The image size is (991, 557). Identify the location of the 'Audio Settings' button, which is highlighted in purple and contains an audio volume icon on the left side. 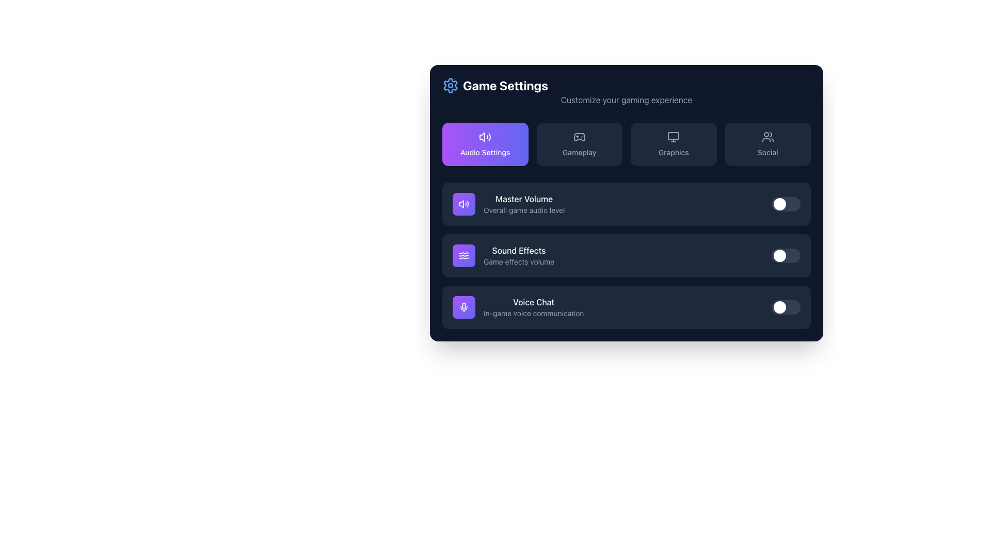
(482, 137).